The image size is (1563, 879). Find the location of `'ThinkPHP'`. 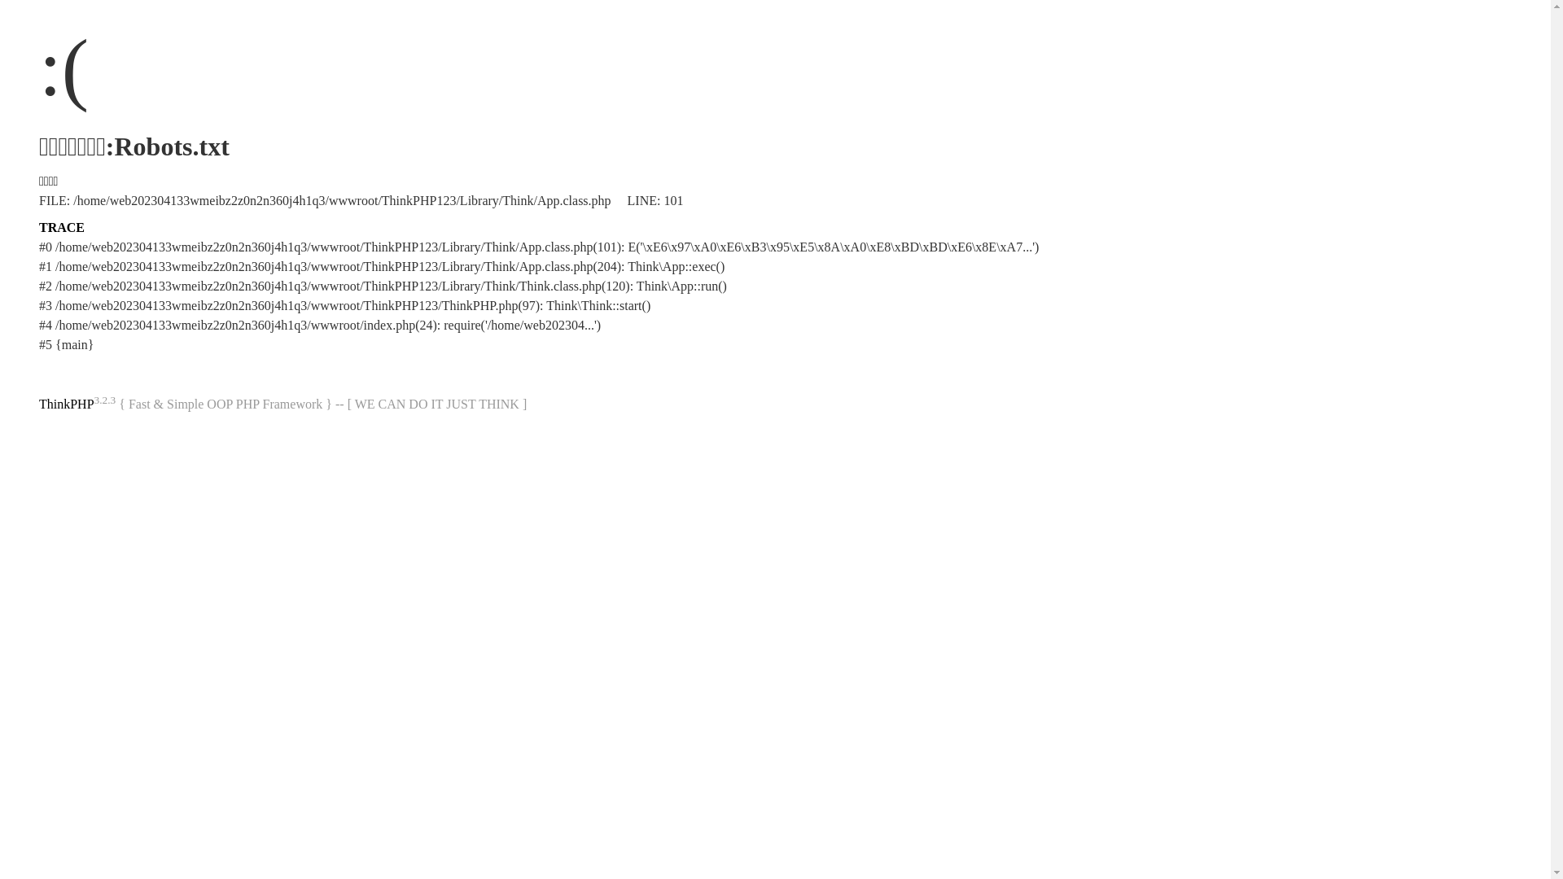

'ThinkPHP' is located at coordinates (65, 403).